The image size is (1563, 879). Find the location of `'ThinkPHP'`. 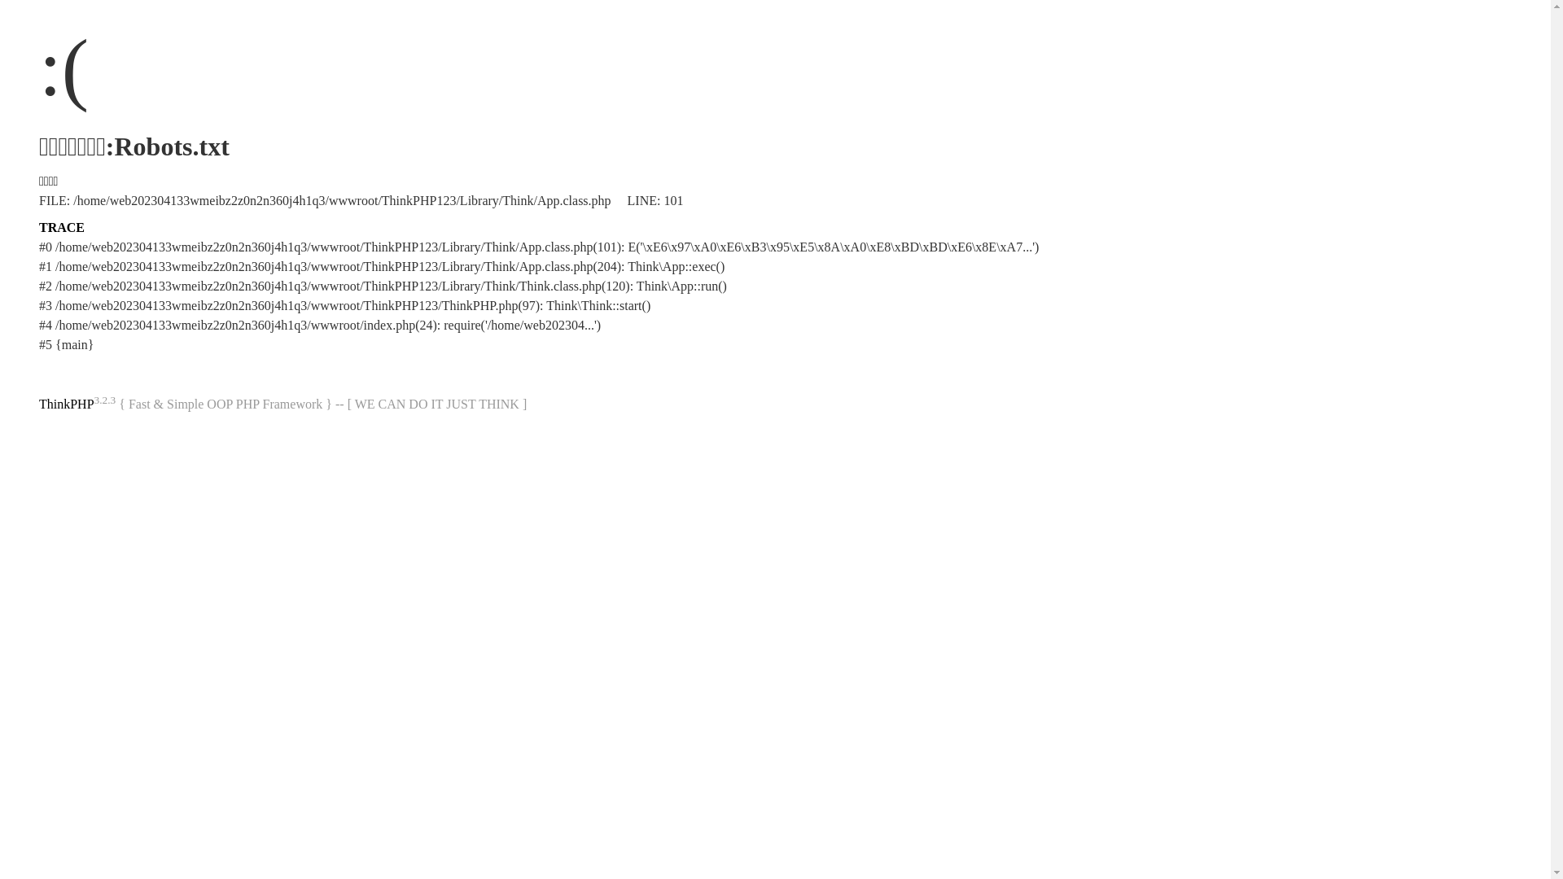

'ThinkPHP' is located at coordinates (65, 403).